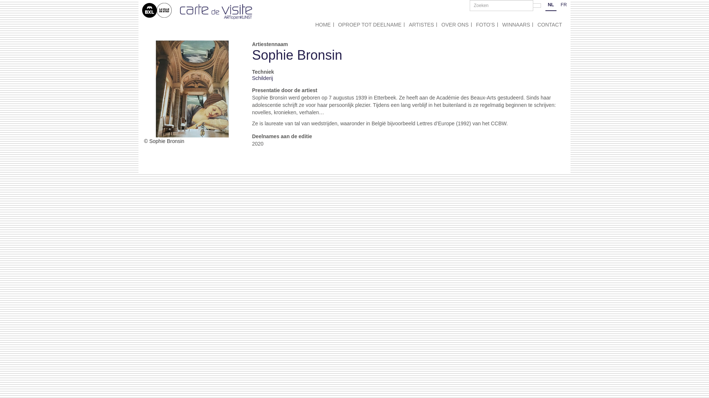 The width and height of the screenshot is (709, 398). I want to click on 'OVER ONS', so click(455, 24).